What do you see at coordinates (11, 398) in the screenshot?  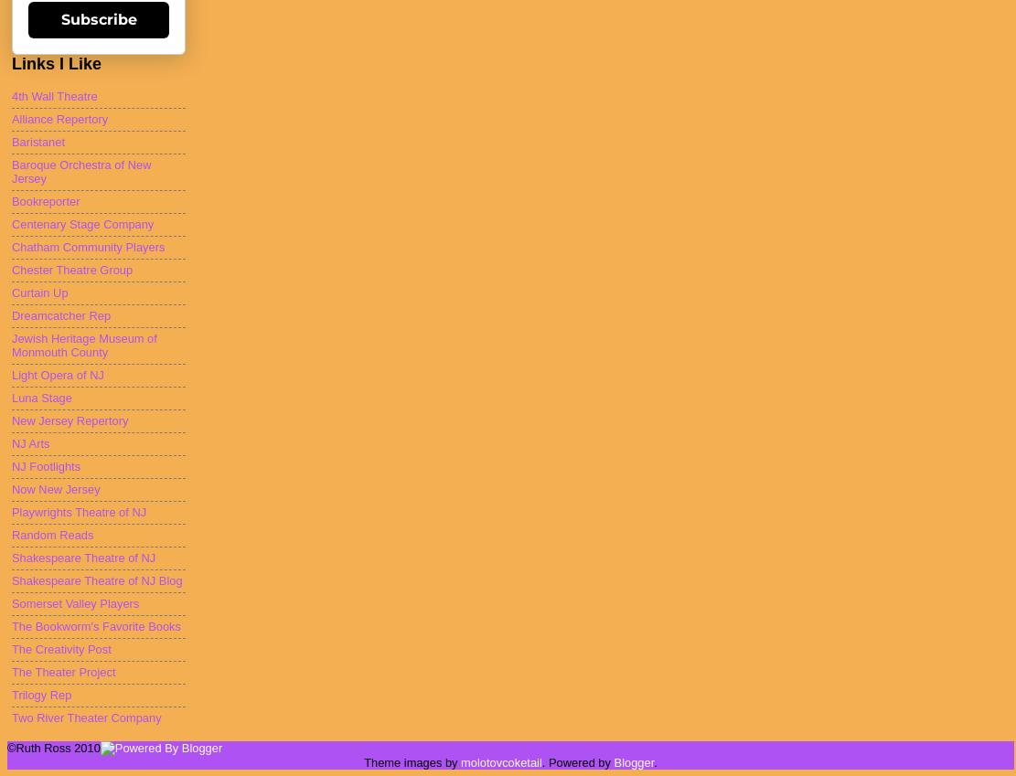 I see `'Luna Stage'` at bounding box center [11, 398].